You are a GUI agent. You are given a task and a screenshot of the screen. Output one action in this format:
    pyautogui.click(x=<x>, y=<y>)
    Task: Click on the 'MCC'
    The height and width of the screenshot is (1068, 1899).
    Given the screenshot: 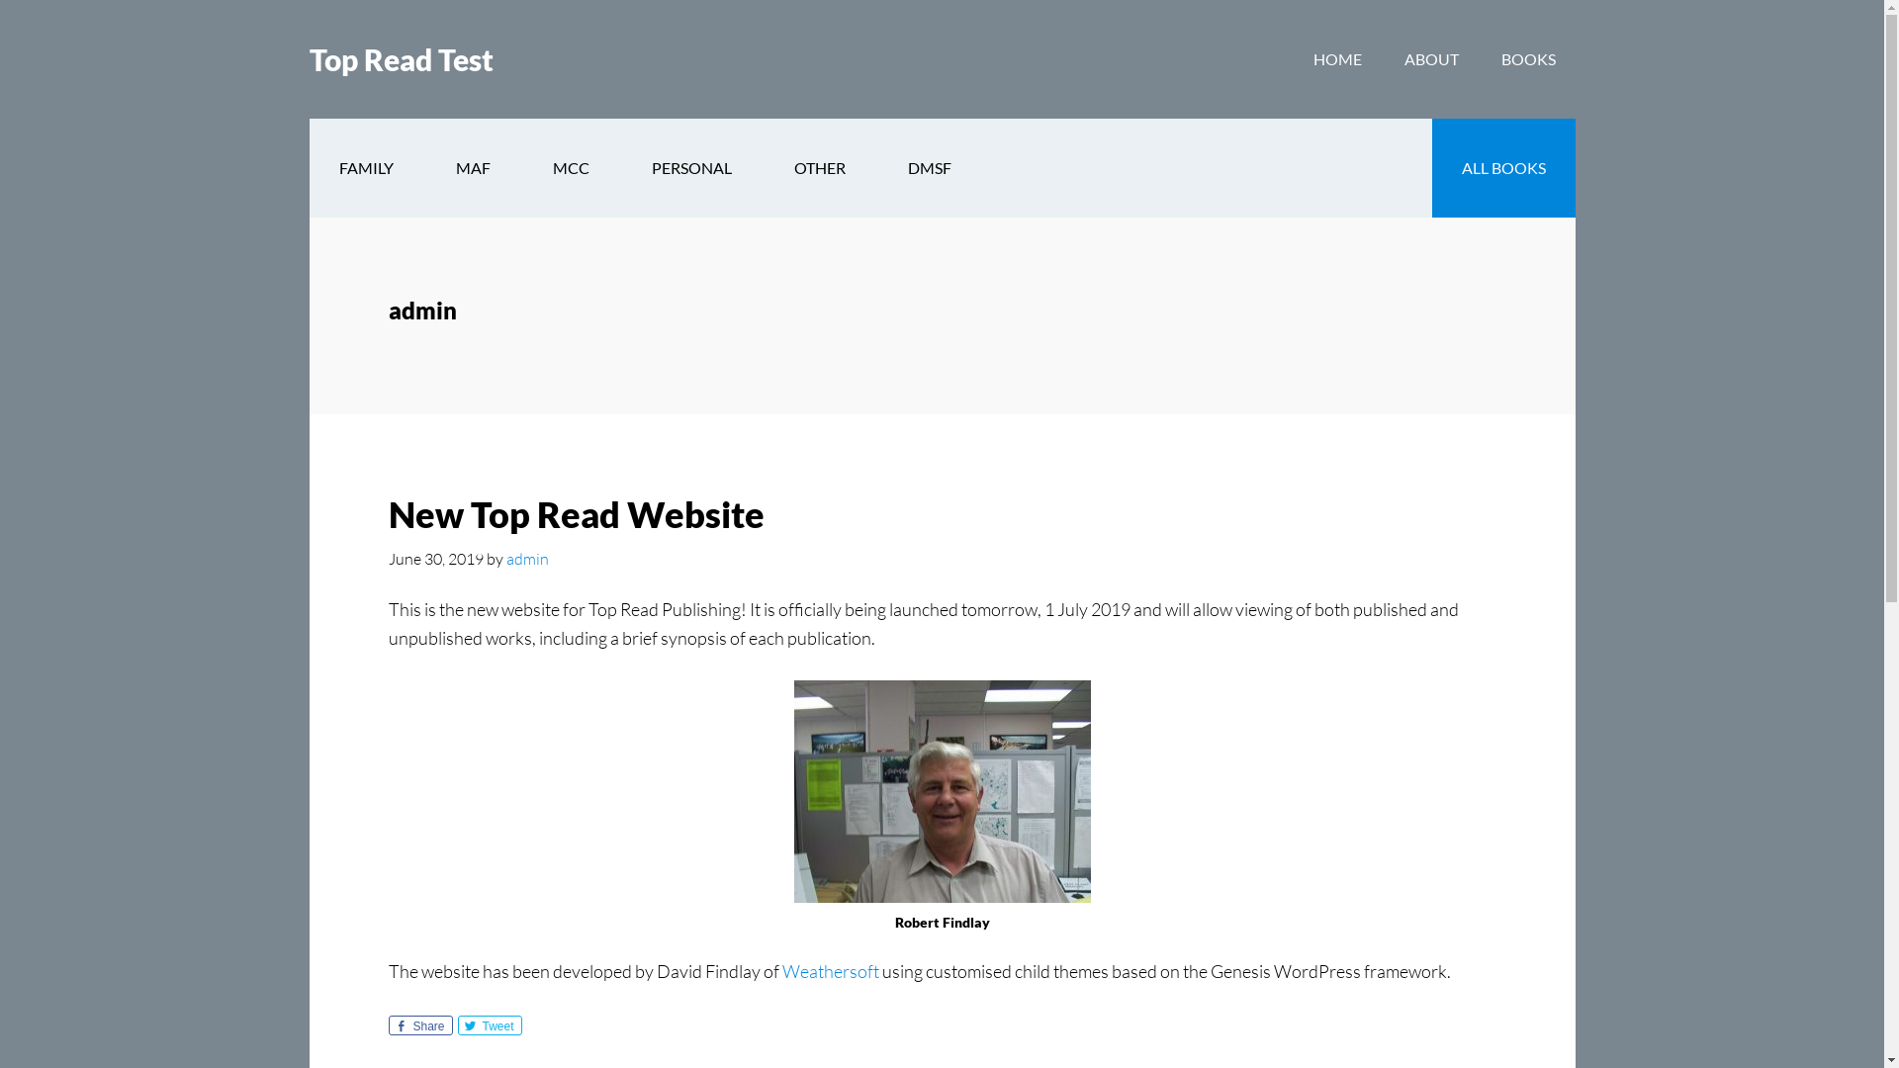 What is the action you would take?
    pyautogui.click(x=569, y=166)
    